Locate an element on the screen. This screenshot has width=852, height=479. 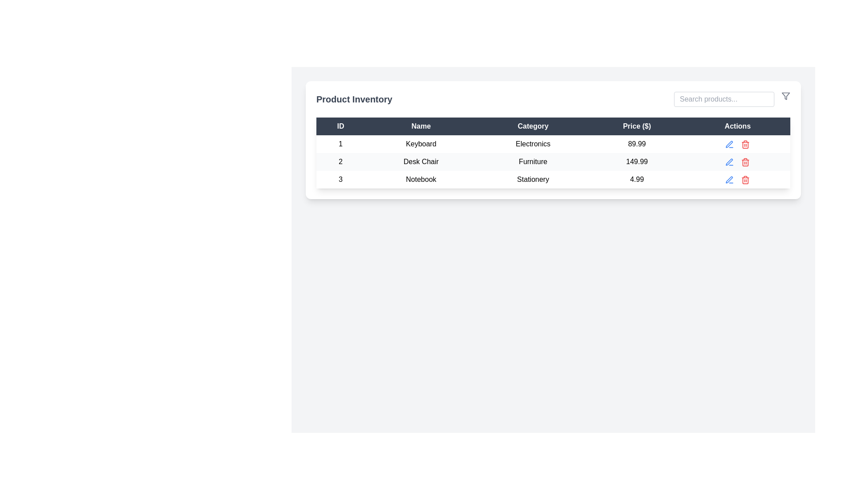
the trash can icon button located in the last column labeled 'Actions' of the third row in the data table is located at coordinates (745, 180).